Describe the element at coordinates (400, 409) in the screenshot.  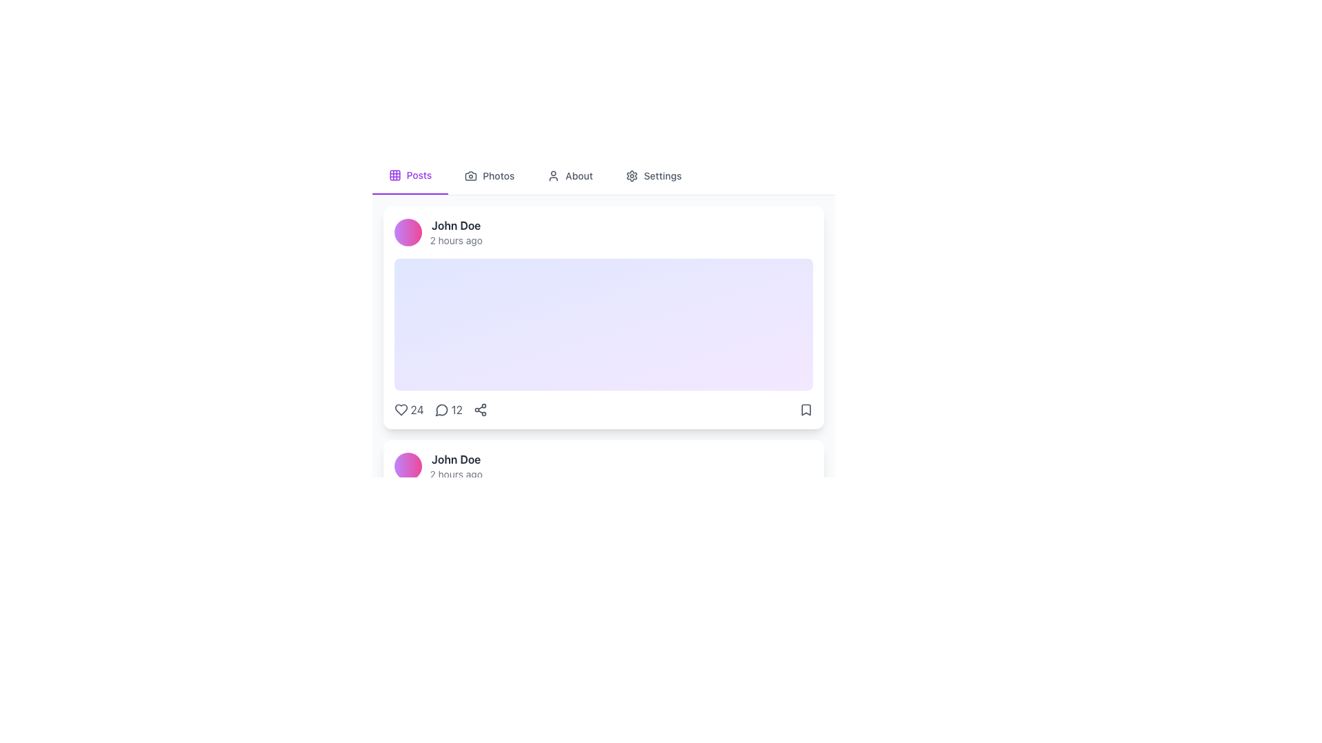
I see `the SVG-based heart symbol icon, which represents a 'like' or 'favorite' action, located beneath the post's main content and positioned to the left of the comment icon` at that location.